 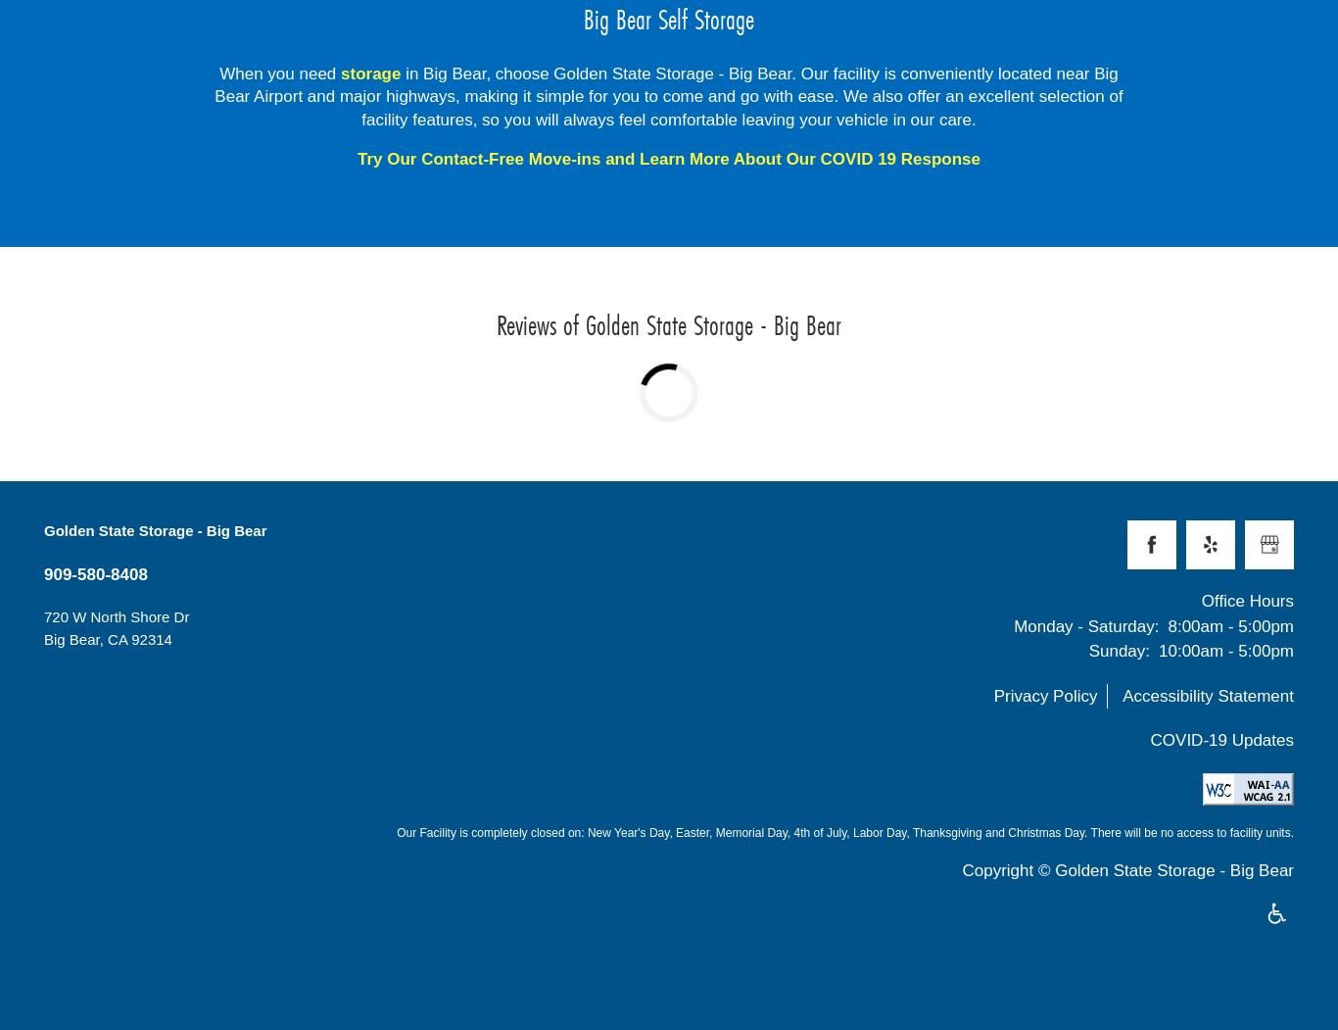 What do you see at coordinates (669, 323) in the screenshot?
I see `'Reviews of Golden State Storage - Big Bear'` at bounding box center [669, 323].